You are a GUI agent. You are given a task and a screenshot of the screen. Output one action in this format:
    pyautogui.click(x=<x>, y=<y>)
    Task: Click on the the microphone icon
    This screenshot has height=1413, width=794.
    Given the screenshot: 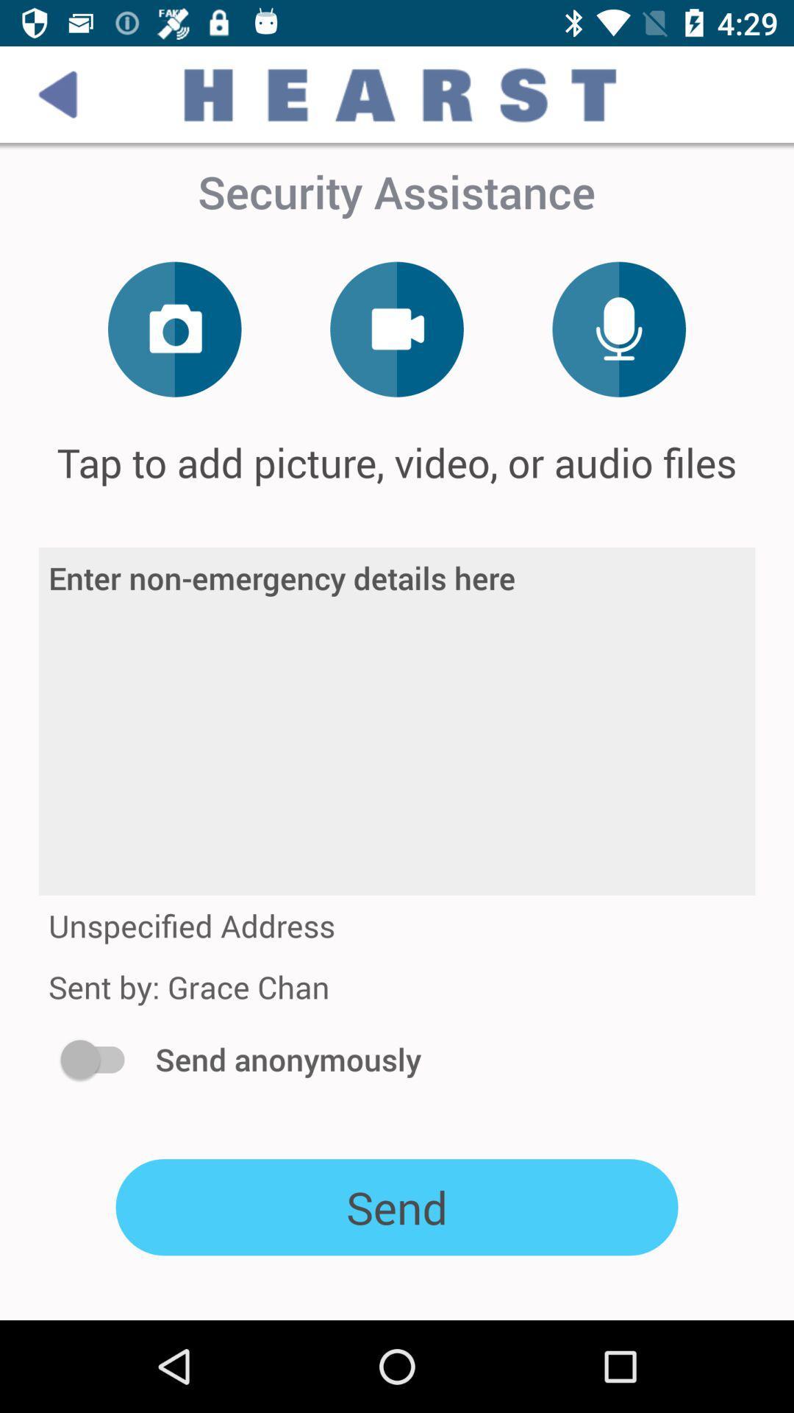 What is the action you would take?
    pyautogui.click(x=619, y=328)
    